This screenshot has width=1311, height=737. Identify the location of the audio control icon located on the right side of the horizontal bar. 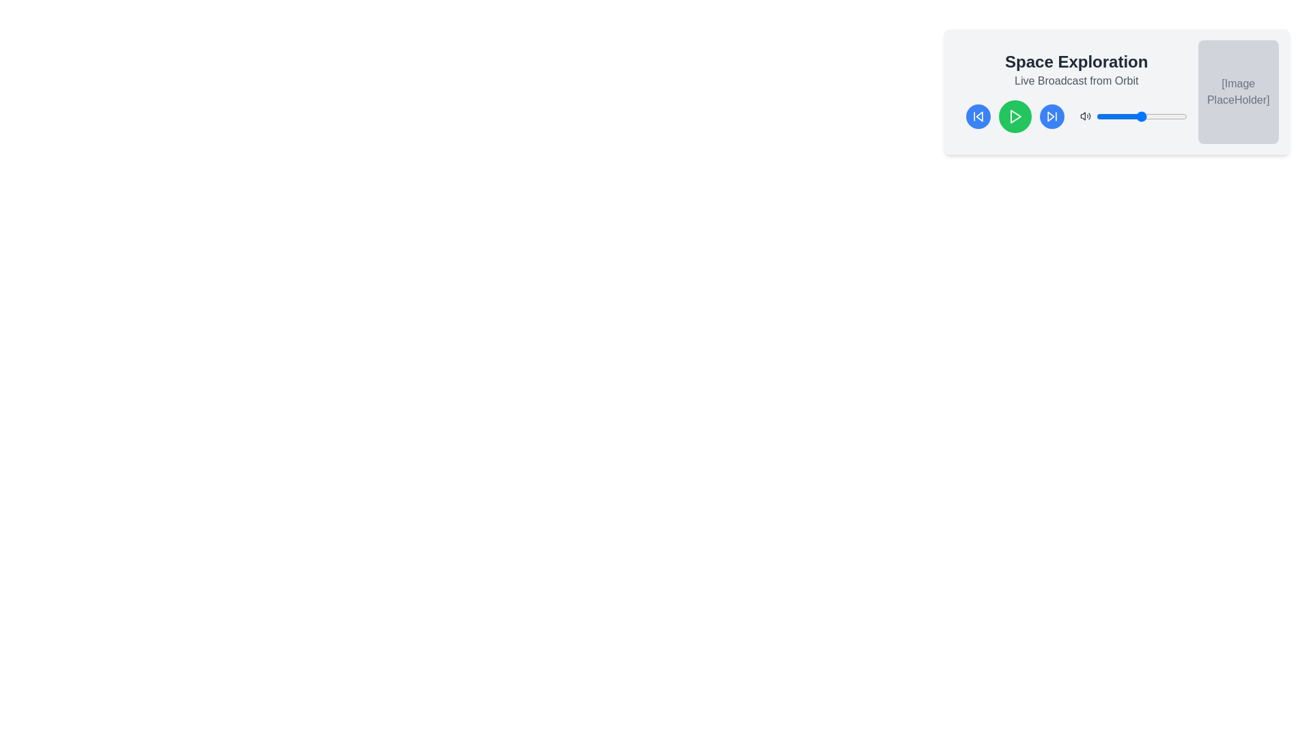
(1084, 115).